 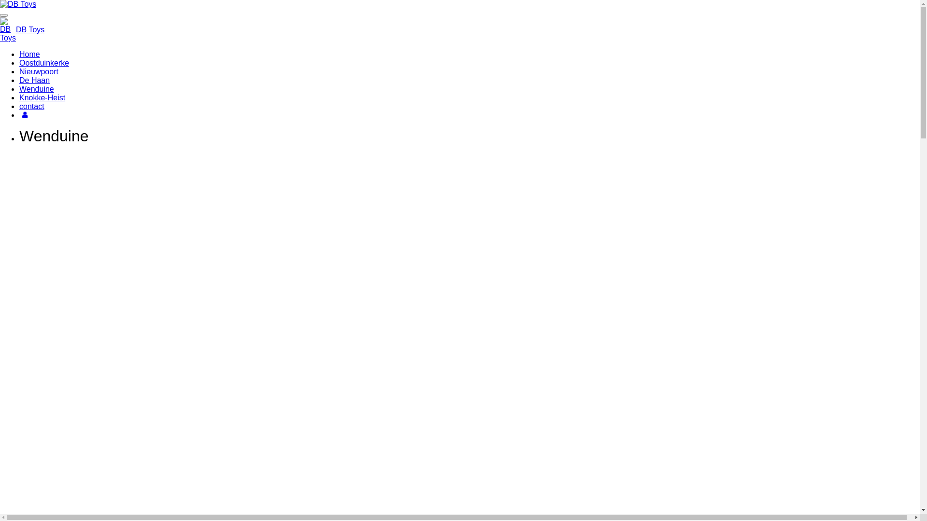 What do you see at coordinates (34, 80) in the screenshot?
I see `'De Haan'` at bounding box center [34, 80].